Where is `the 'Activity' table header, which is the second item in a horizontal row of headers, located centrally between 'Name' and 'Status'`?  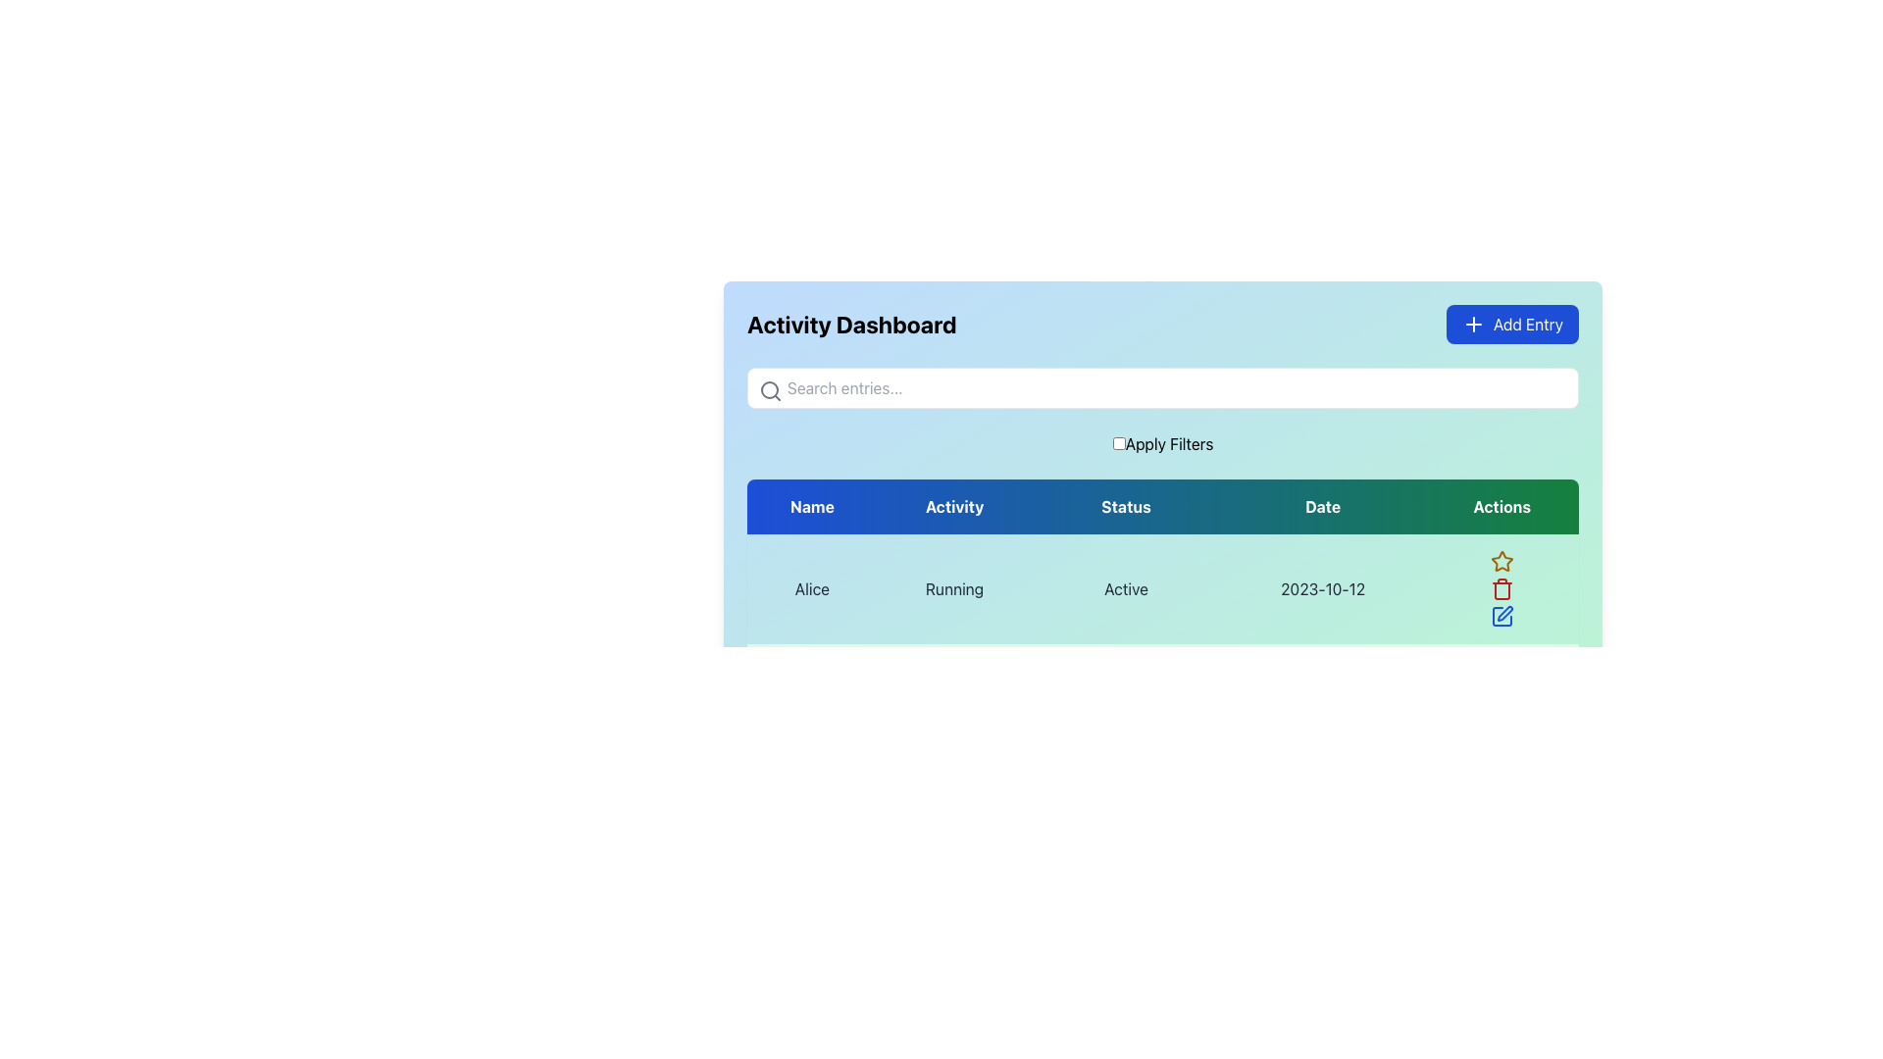 the 'Activity' table header, which is the second item in a horizontal row of headers, located centrally between 'Name' and 'Status' is located at coordinates (954, 505).